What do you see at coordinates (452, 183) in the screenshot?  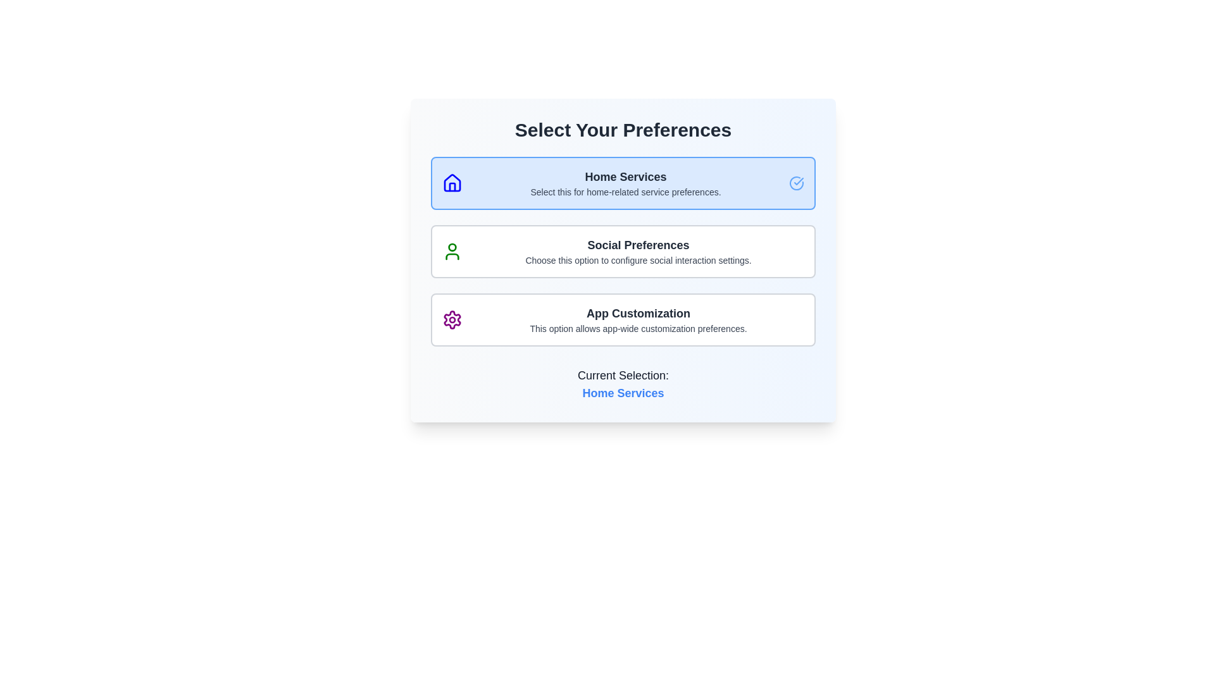 I see `the blue-bordered house icon located above the 'Home Services' label in the user interface preference selection theme` at bounding box center [452, 183].